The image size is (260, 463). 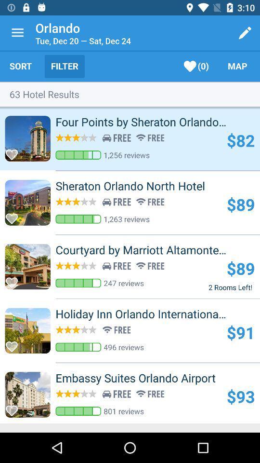 I want to click on the courtyard by marriott, so click(x=157, y=249).